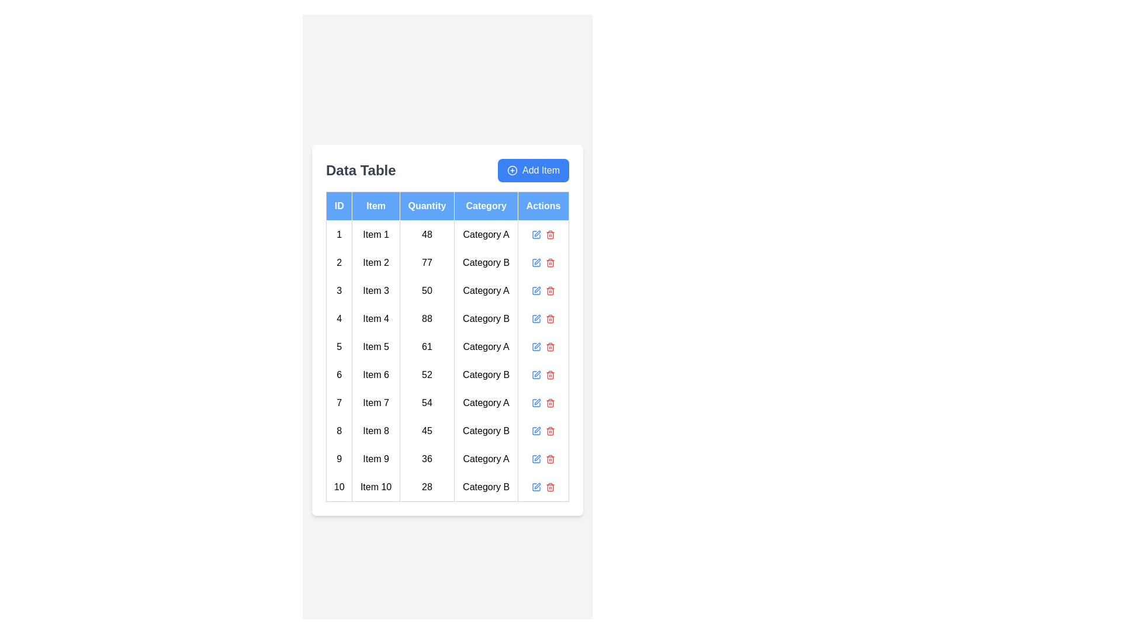  What do you see at coordinates (537, 429) in the screenshot?
I see `the edit icon button in the last row of the data table under the 'Actions' column` at bounding box center [537, 429].